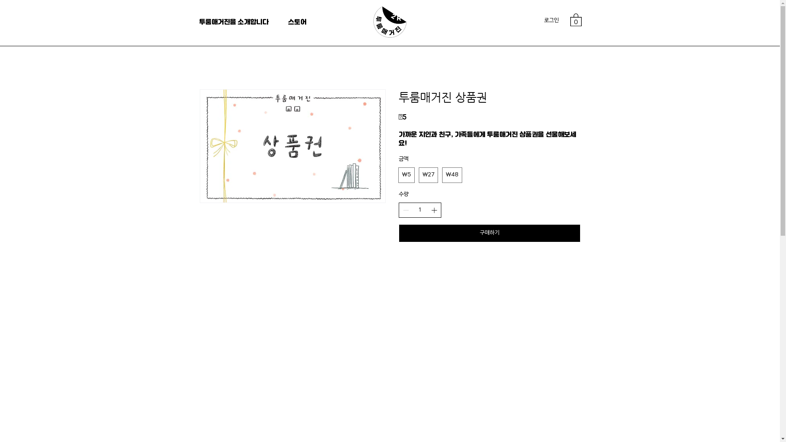 The image size is (786, 442). I want to click on '0', so click(575, 19).